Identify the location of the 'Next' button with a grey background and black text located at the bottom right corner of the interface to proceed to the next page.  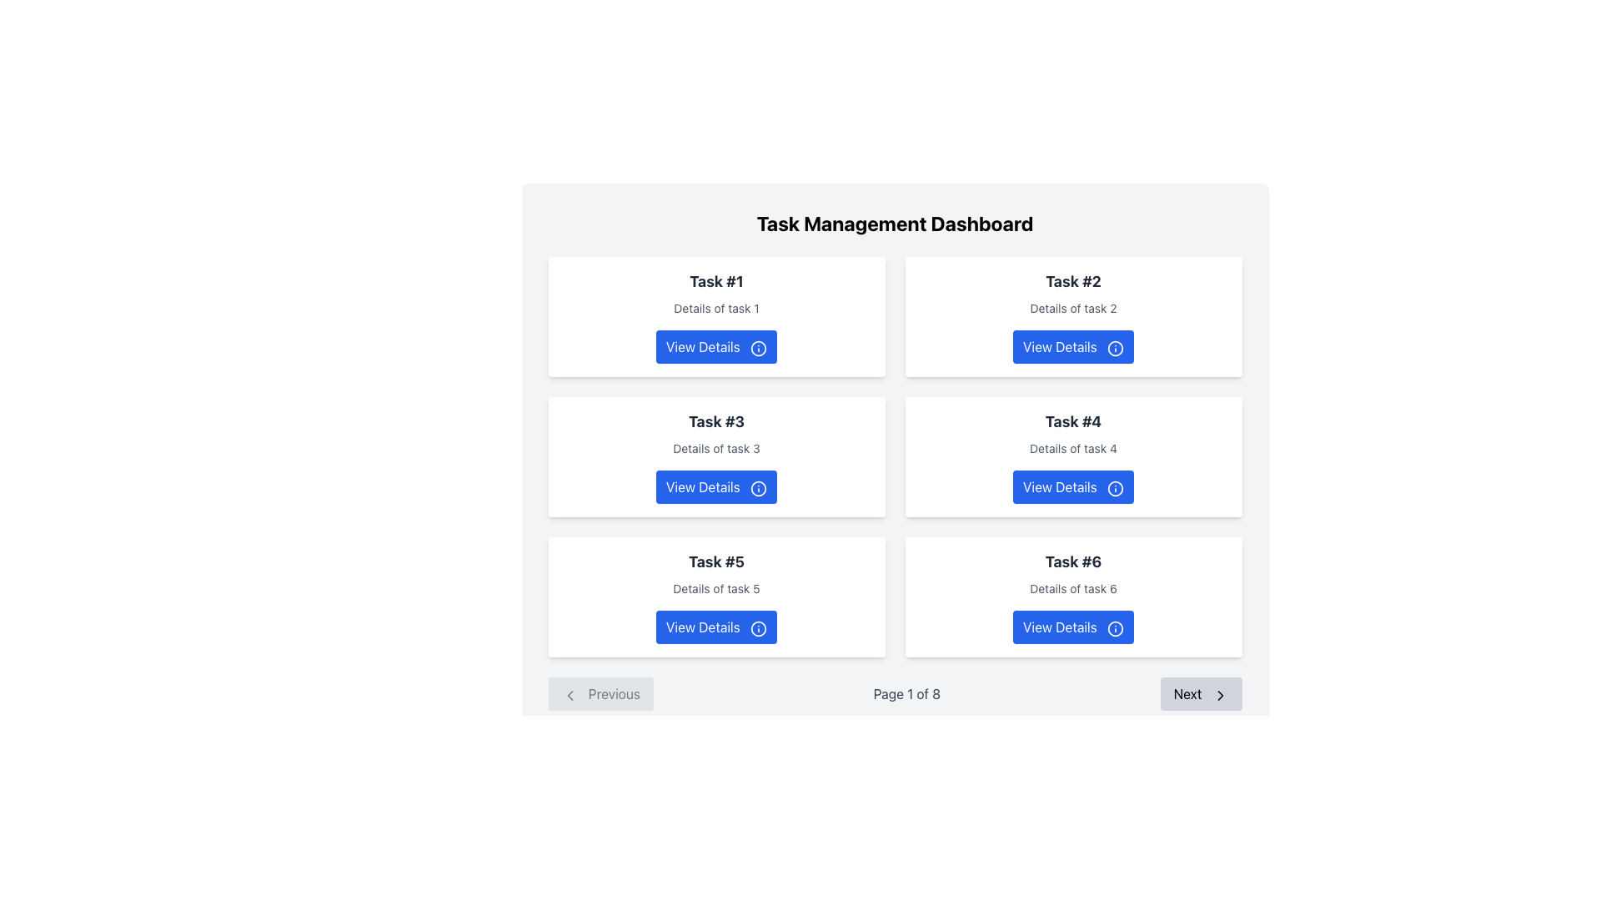
(1201, 694).